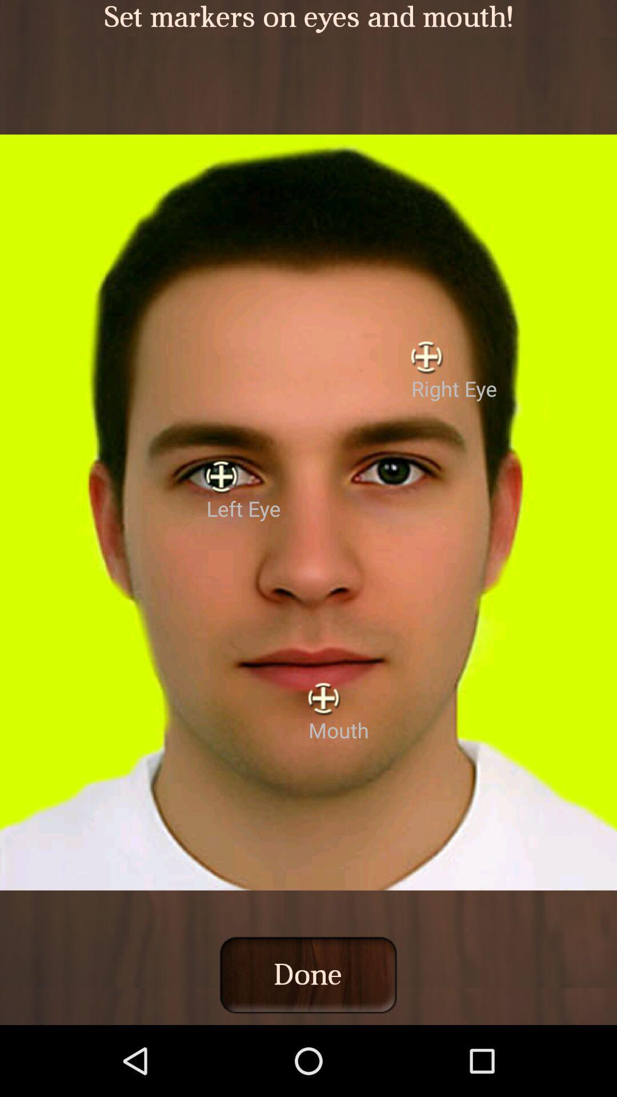  I want to click on the done at the bottom, so click(307, 974).